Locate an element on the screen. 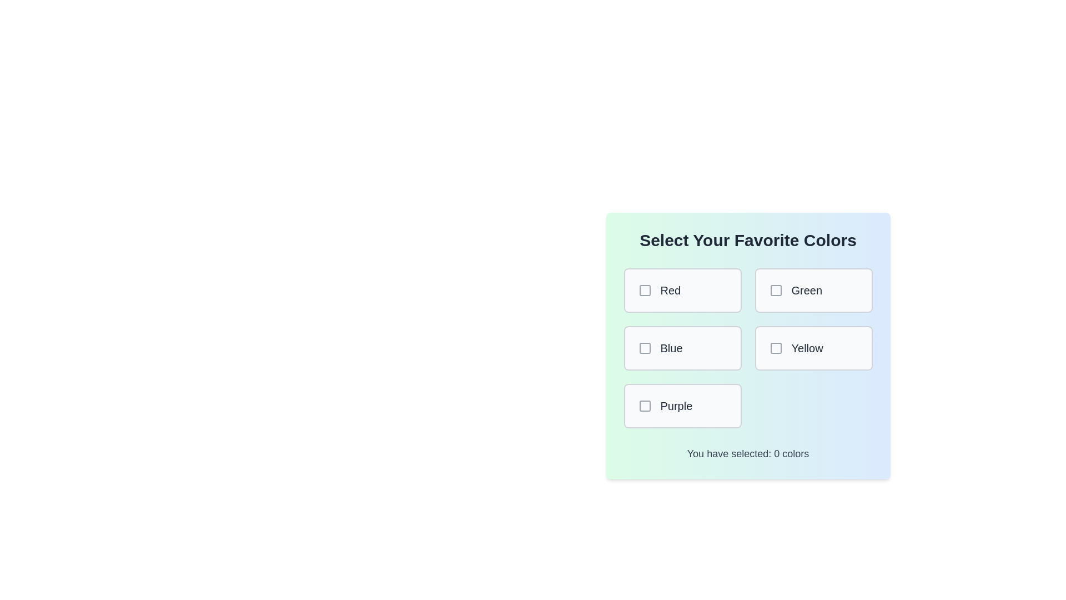 The height and width of the screenshot is (600, 1066). the color Green by clicking its corresponding box is located at coordinates (813, 290).